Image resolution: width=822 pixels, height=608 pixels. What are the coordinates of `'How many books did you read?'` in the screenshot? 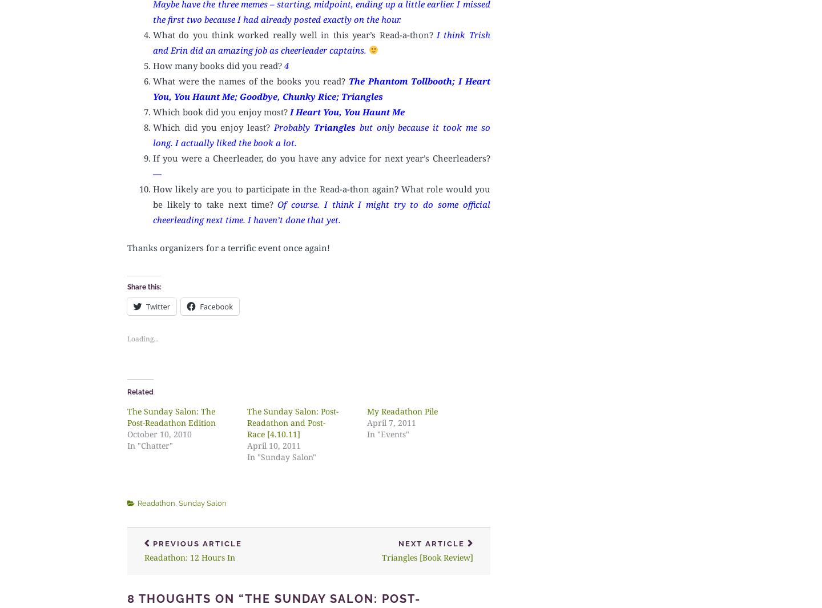 It's located at (218, 64).